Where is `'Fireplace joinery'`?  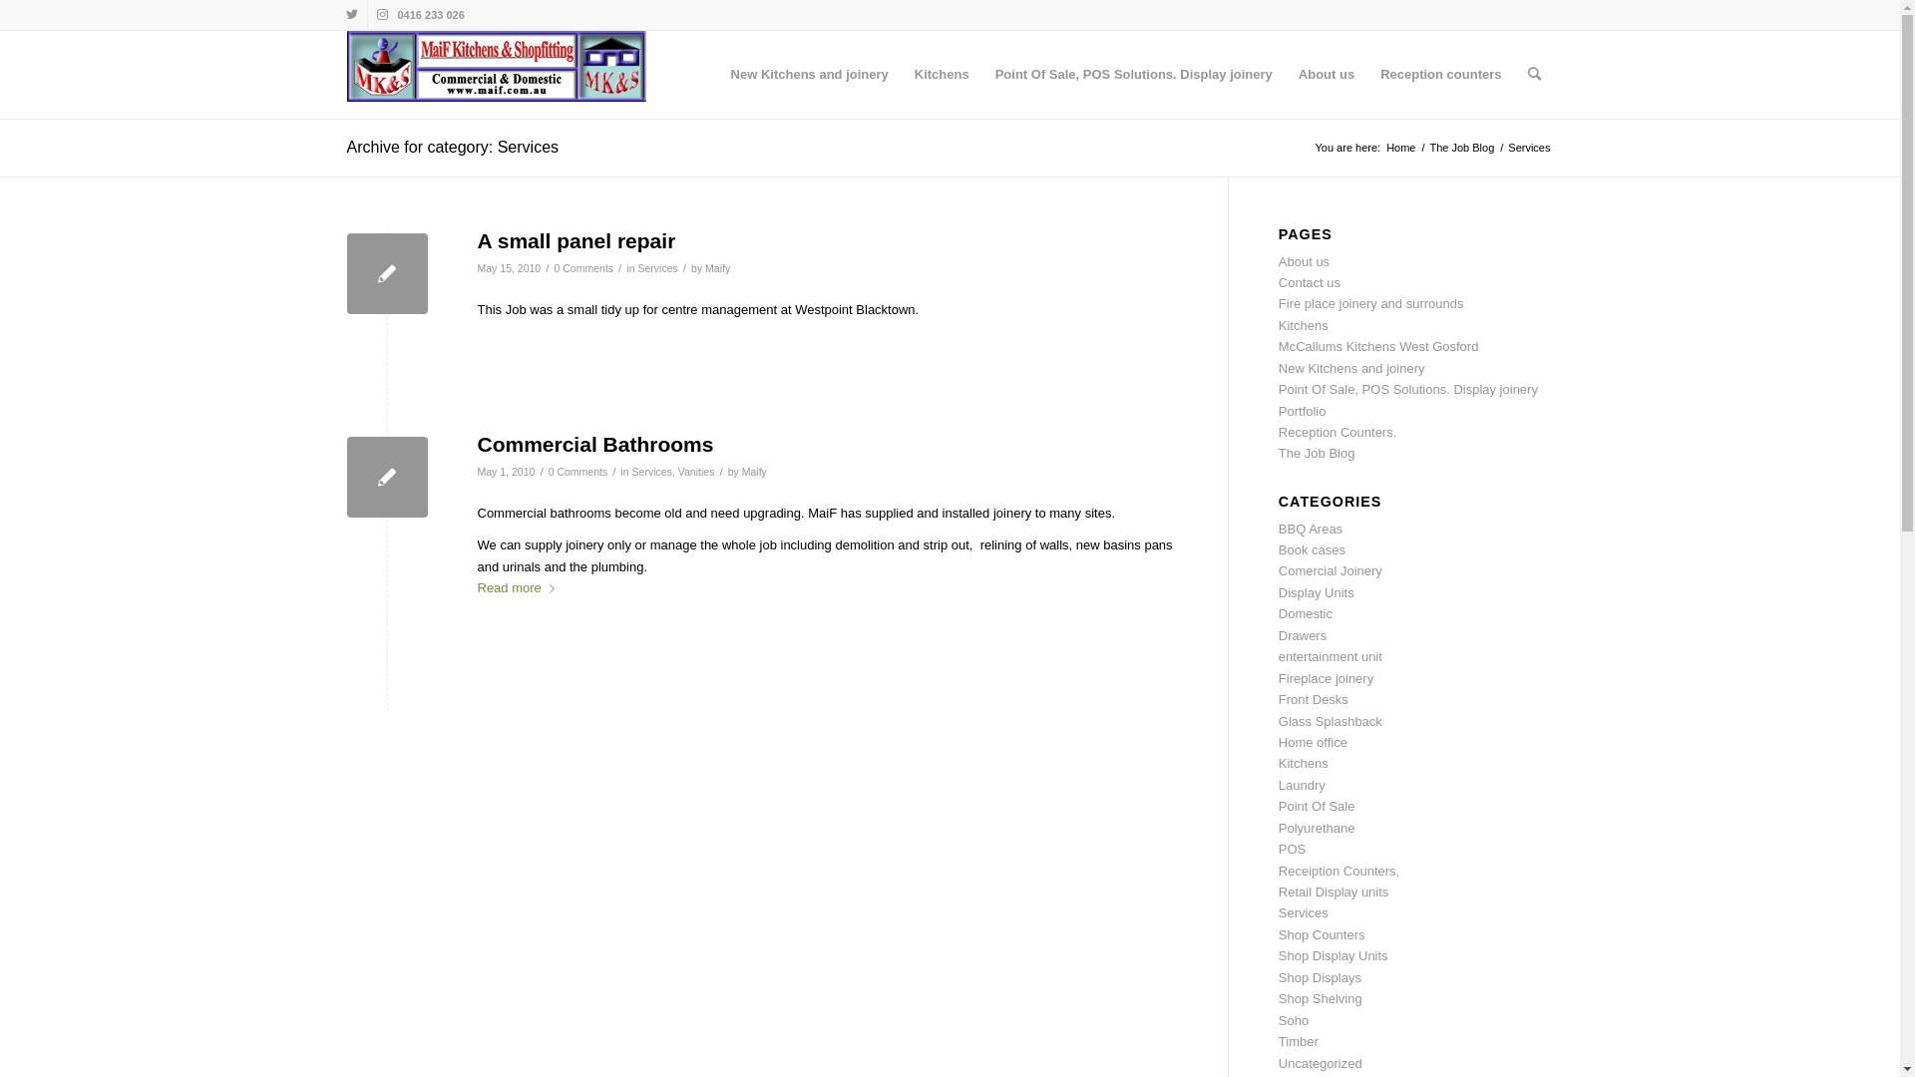
'Fireplace joinery' is located at coordinates (1326, 677).